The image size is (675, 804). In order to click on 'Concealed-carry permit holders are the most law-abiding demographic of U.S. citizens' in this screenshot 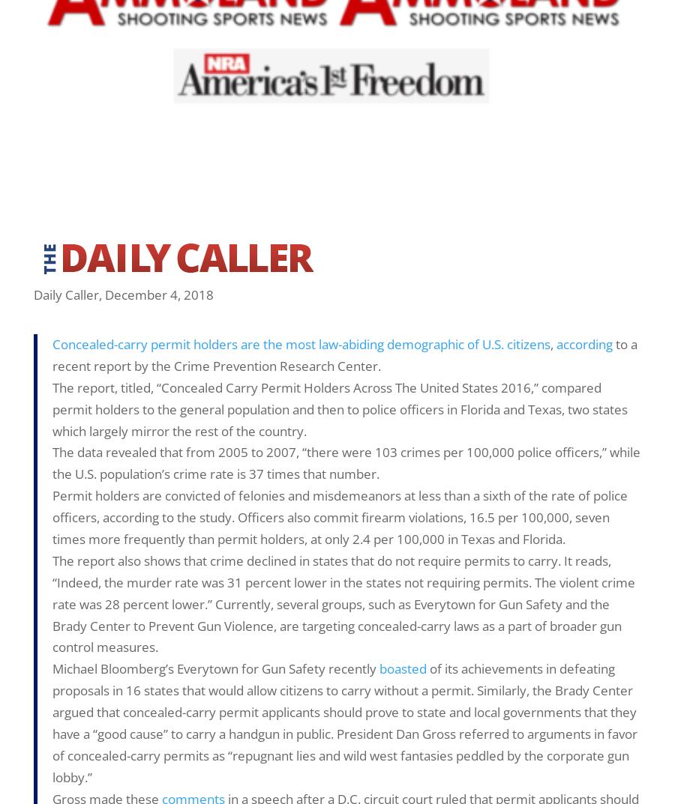, I will do `click(301, 343)`.